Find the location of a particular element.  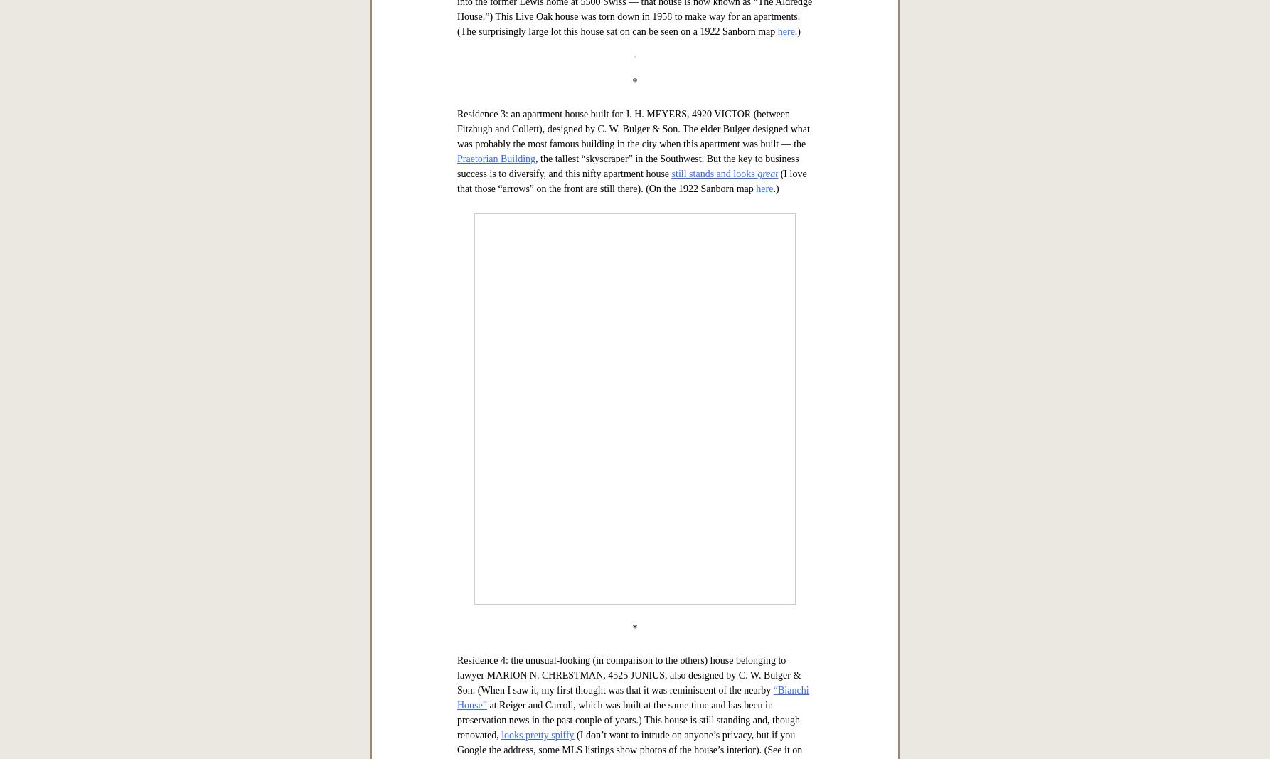

'Residence 1: (above) the beautiful sprawling home of businessman RUFUS W. HIGGINBOTHAM (Higginbotham-Bailey, Boren-Stewart, etc.), 5002 SWISS AVENUE, designed by Charles Erwin Barglebaugh, chief designer for Lang & Witchell and a former employee of Frank Lloyd Wright (more on Barglebaugh — who was one of the architects responsible for the Medical Arts Building — can be found' is located at coordinates (633, 309).